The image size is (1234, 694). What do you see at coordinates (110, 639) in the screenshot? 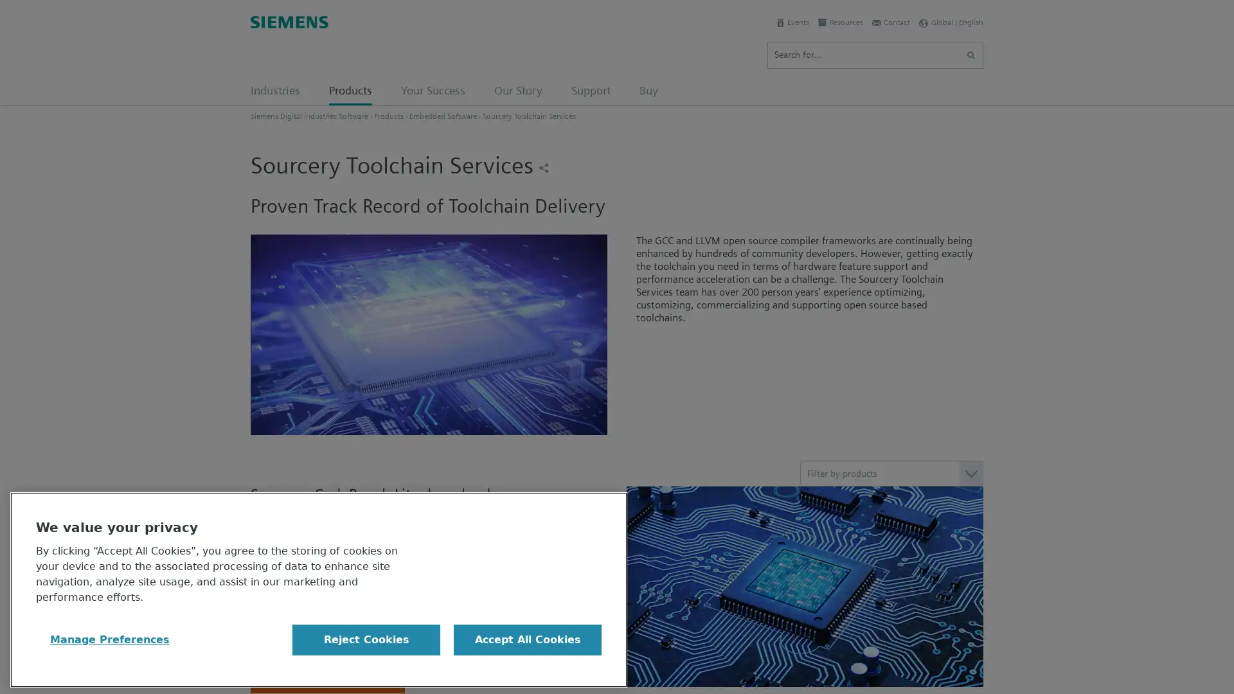
I see `Manage Preferences` at bounding box center [110, 639].